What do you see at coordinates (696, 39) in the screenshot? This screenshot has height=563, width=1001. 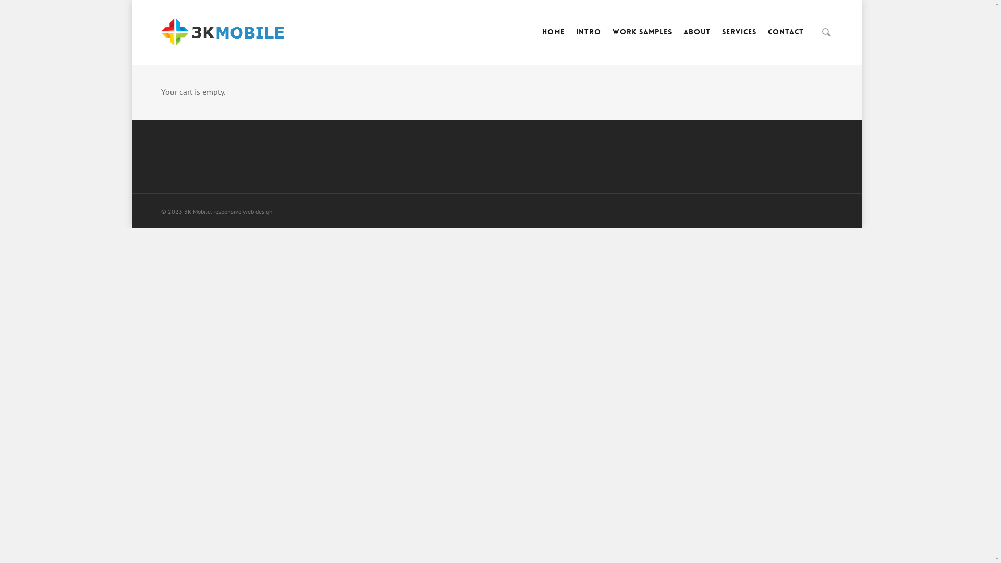 I see `'About'` at bounding box center [696, 39].